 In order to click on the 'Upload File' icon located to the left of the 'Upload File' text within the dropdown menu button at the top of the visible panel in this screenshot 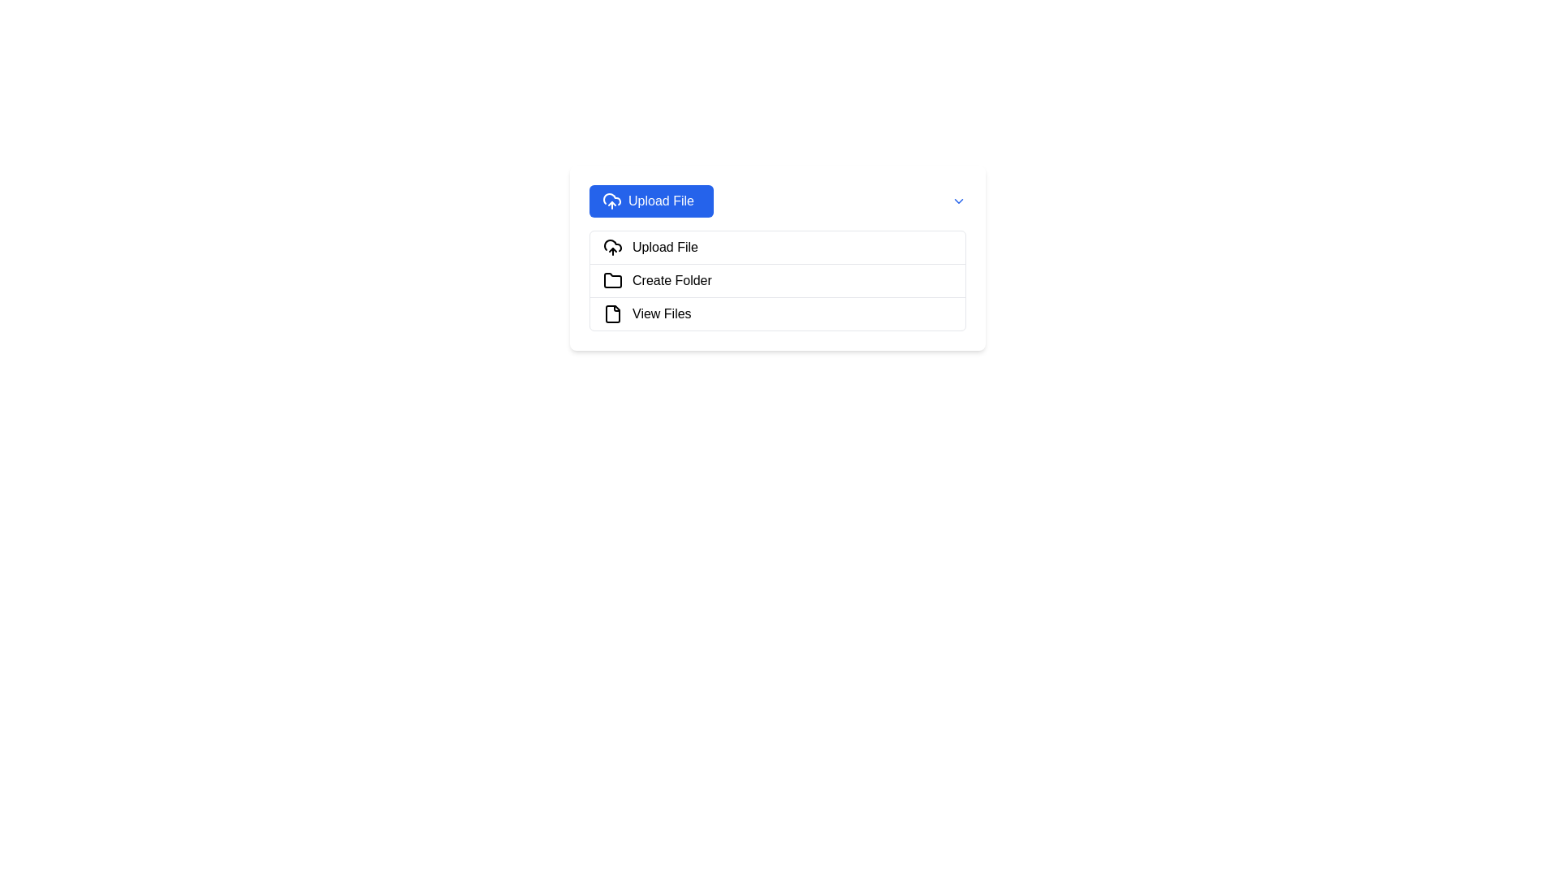, I will do `click(611, 200)`.